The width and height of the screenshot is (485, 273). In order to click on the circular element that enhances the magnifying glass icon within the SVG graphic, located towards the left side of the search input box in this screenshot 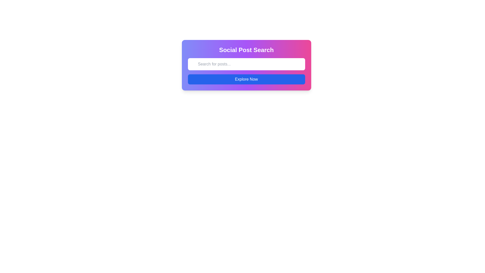, I will do `click(193, 60)`.